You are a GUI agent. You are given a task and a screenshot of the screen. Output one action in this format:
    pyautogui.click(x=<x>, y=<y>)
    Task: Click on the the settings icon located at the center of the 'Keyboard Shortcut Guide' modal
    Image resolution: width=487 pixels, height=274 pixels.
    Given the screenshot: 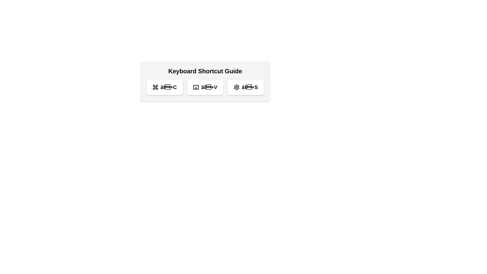 What is the action you would take?
    pyautogui.click(x=236, y=87)
    